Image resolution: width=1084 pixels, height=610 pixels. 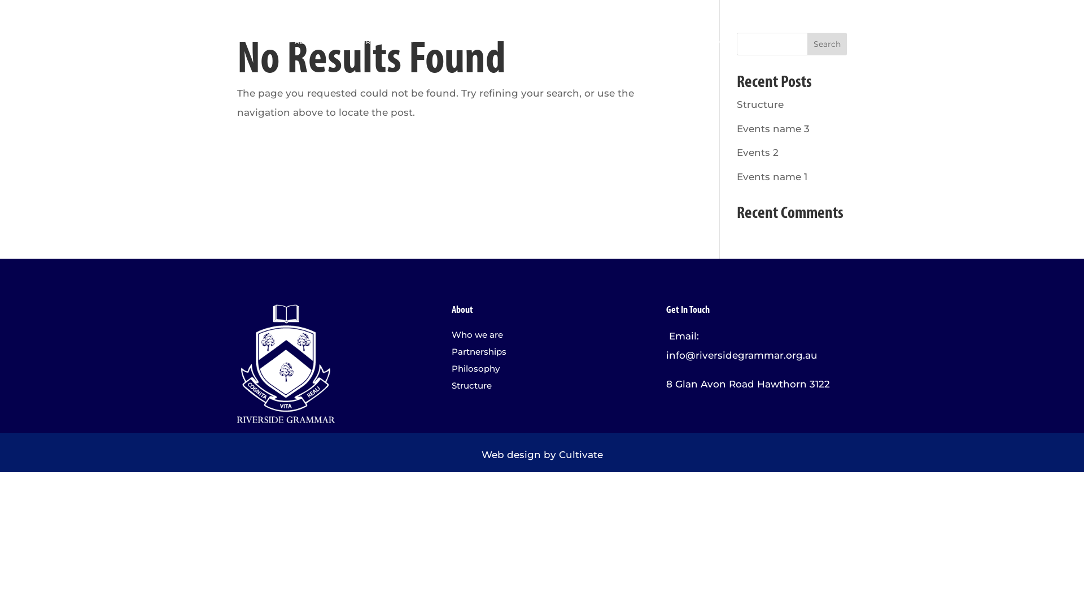 I want to click on 'info@riversidegrammar.org.au', so click(x=742, y=354).